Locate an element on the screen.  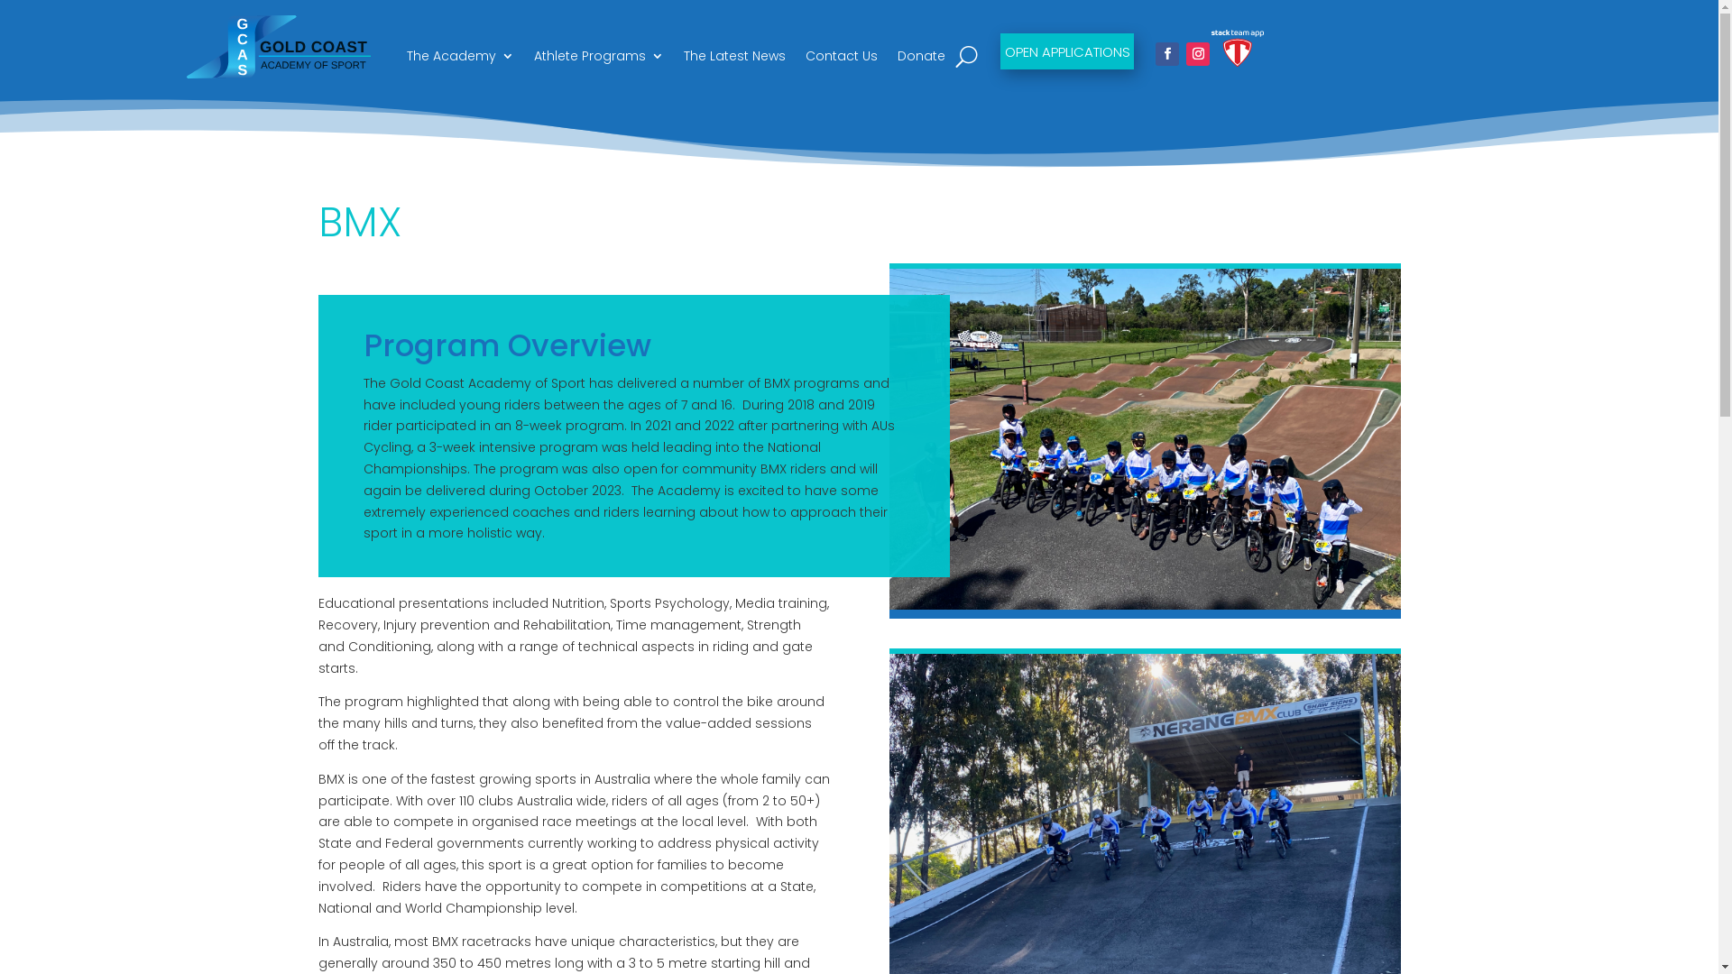
'OPEN APPLICATIONS' is located at coordinates (999, 51).